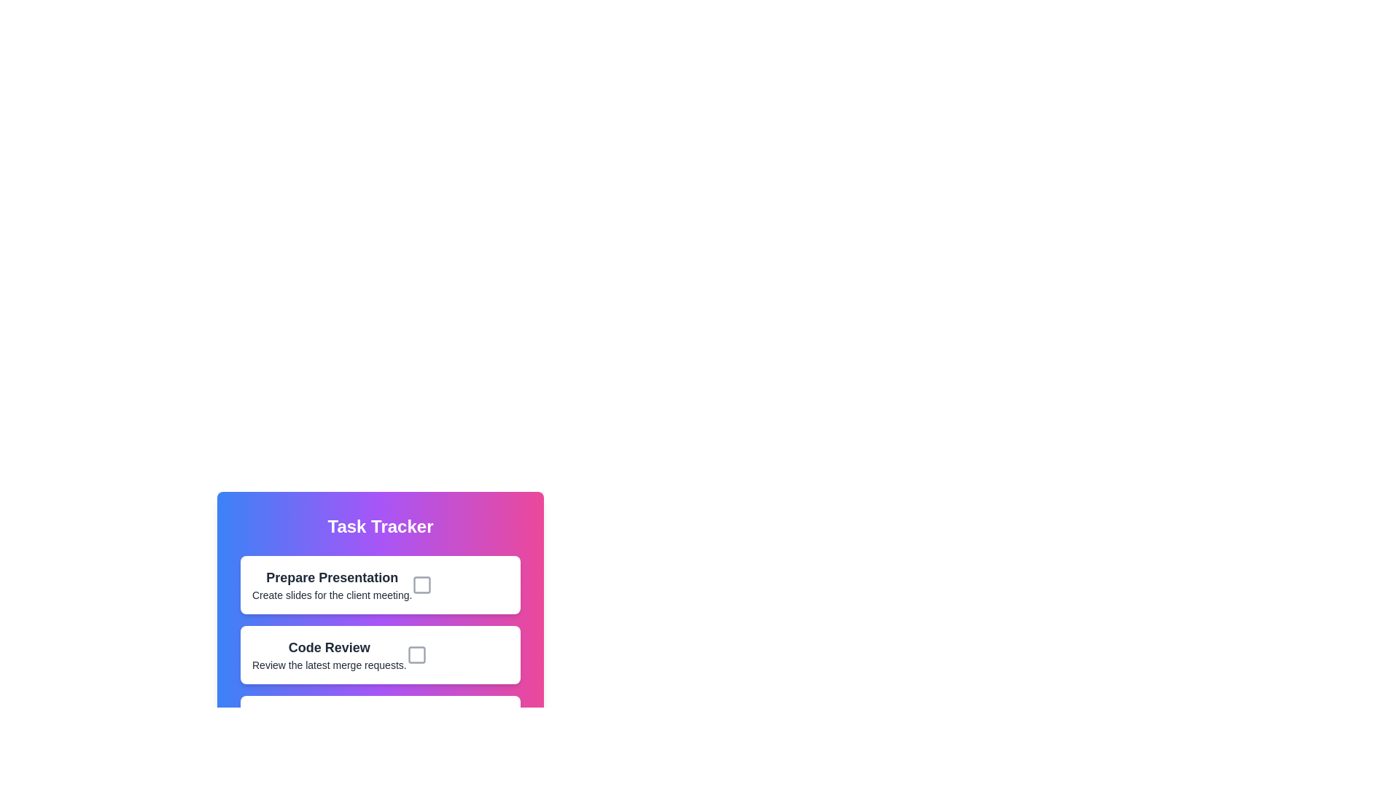 The width and height of the screenshot is (1400, 787). Describe the element at coordinates (381, 526) in the screenshot. I see `the 'Task Tracker' header text label for reading` at that location.